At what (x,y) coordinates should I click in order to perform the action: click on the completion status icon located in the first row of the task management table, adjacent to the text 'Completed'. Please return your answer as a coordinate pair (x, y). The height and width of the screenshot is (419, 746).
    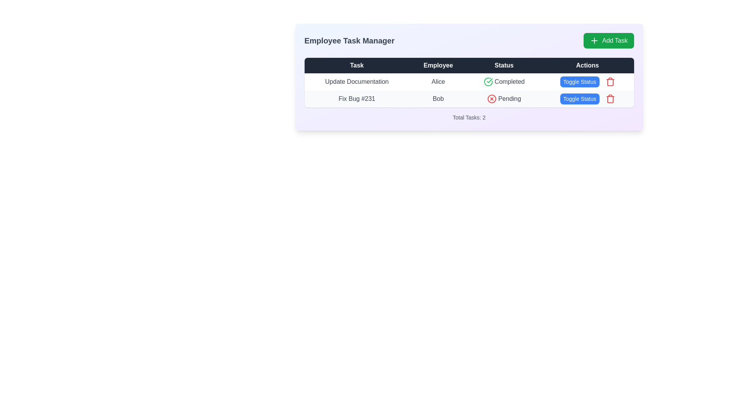
    Looking at the image, I should click on (489, 81).